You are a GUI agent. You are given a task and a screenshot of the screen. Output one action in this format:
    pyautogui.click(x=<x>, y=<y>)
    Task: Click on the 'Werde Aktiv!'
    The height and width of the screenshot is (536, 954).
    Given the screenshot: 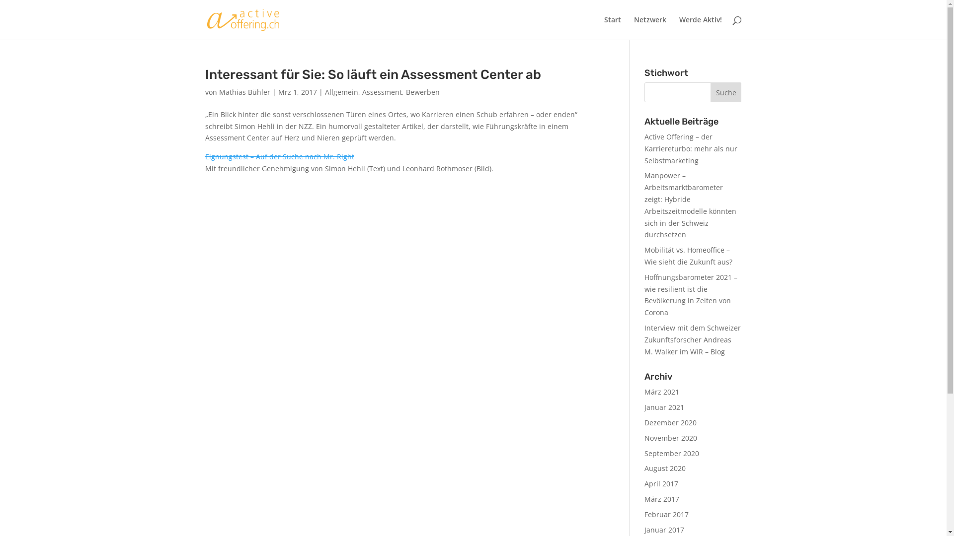 What is the action you would take?
    pyautogui.click(x=700, y=27)
    